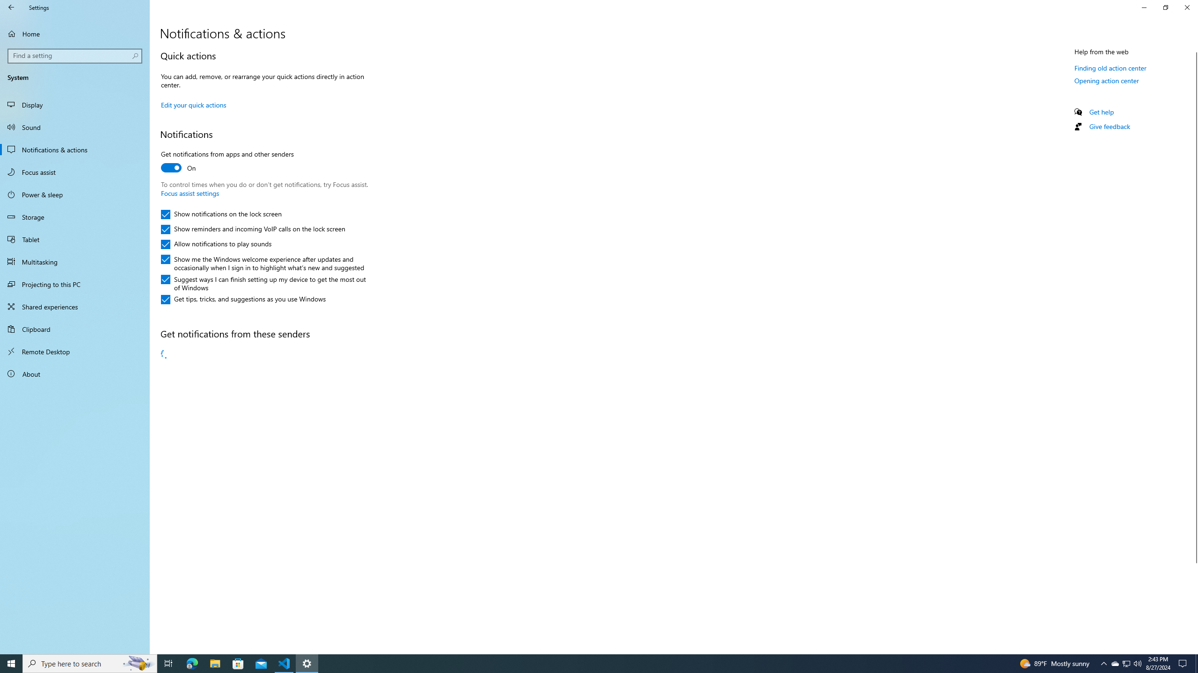 The image size is (1198, 673). What do you see at coordinates (74, 373) in the screenshot?
I see `'About'` at bounding box center [74, 373].